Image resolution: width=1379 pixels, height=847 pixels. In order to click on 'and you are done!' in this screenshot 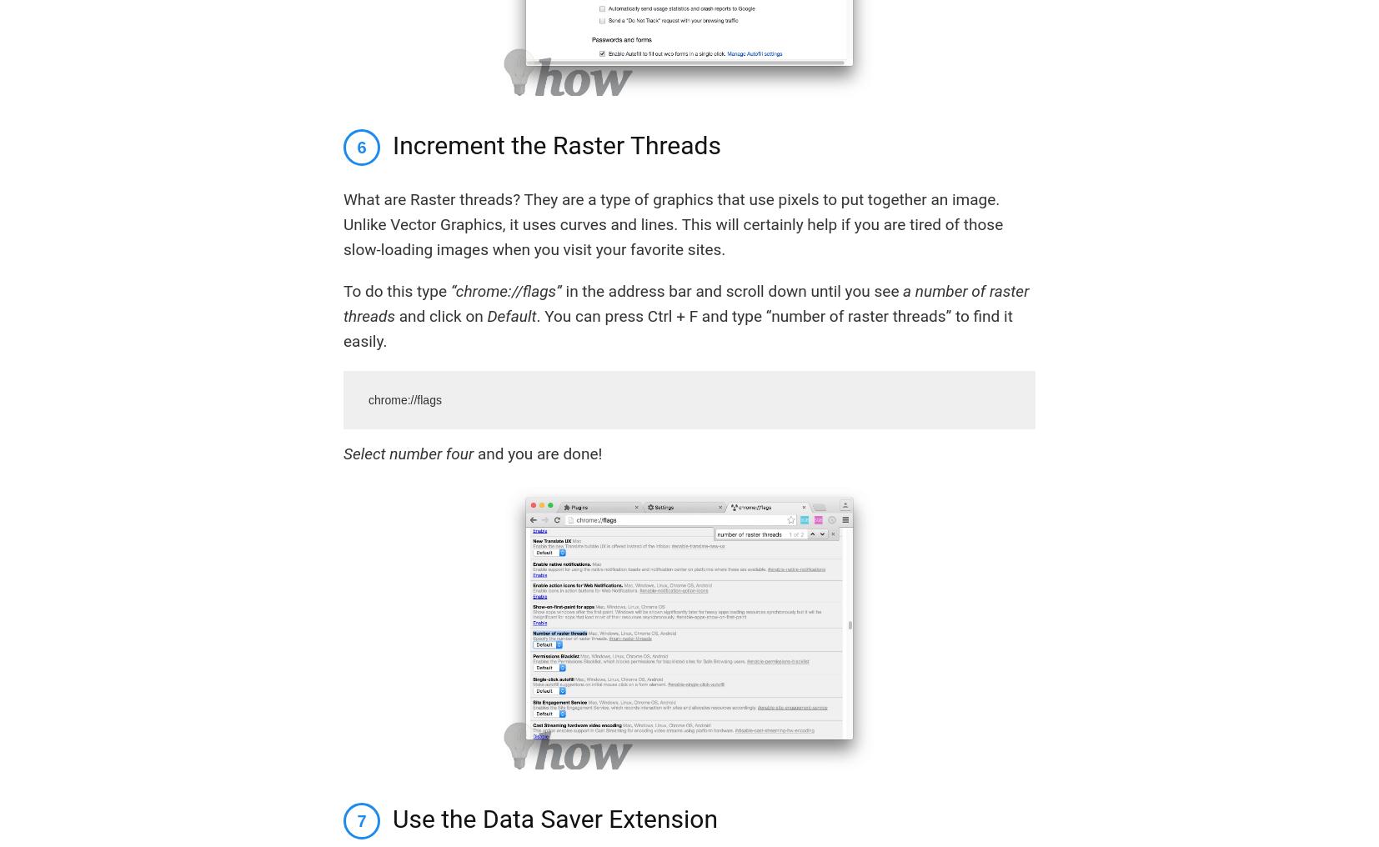, I will do `click(538, 452)`.